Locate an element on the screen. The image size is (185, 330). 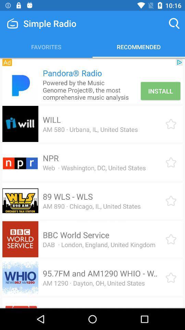
the icon above web washington dc icon is located at coordinates (50, 158).